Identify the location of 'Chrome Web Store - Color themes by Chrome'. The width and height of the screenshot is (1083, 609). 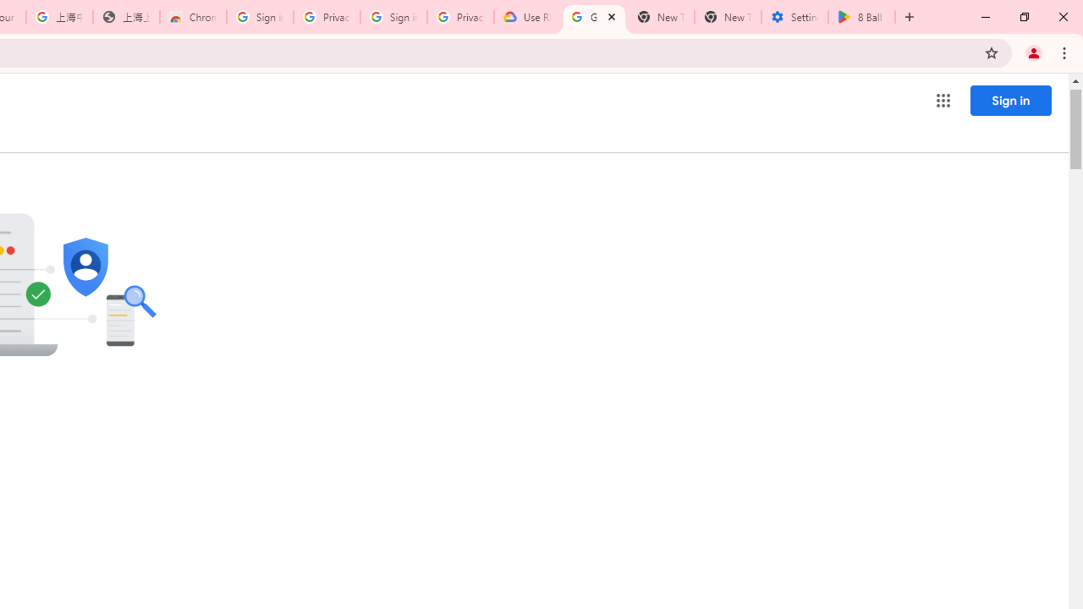
(193, 17).